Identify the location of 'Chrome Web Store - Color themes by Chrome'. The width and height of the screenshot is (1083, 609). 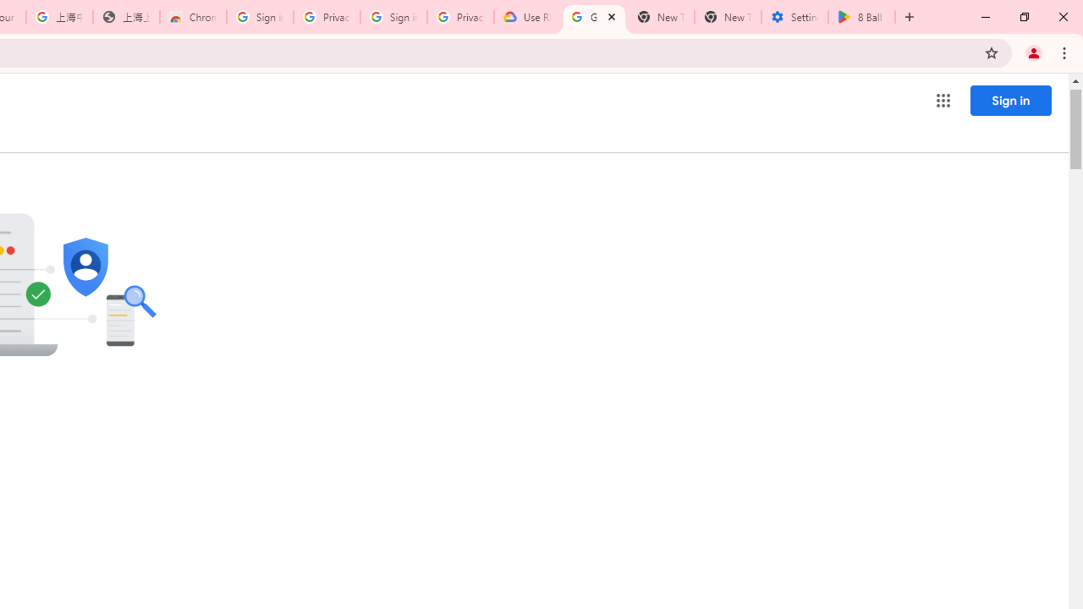
(193, 17).